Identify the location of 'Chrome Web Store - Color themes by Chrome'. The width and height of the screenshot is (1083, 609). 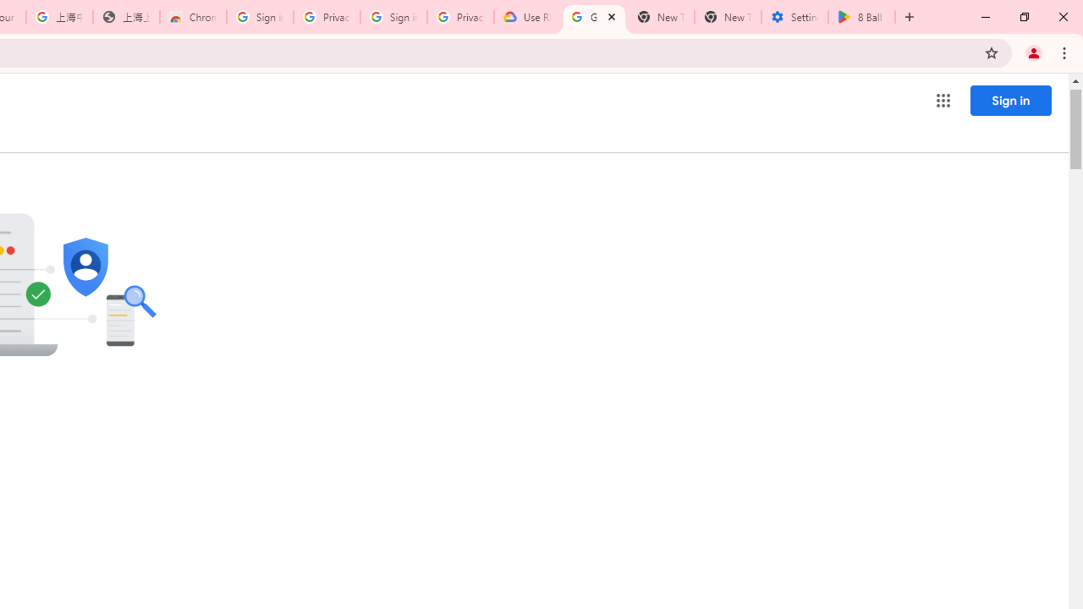
(193, 17).